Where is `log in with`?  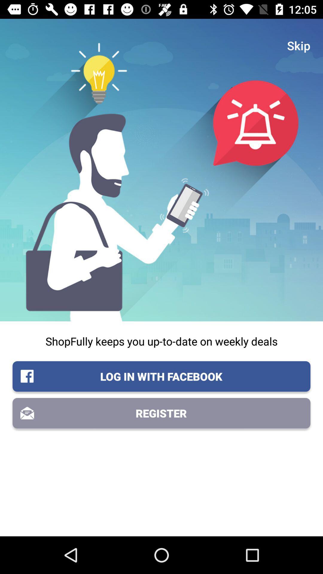 log in with is located at coordinates (161, 376).